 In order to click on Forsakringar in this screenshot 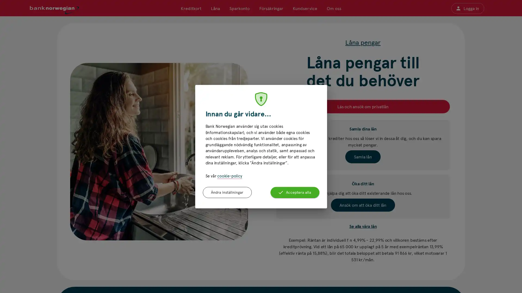, I will do `click(271, 8)`.